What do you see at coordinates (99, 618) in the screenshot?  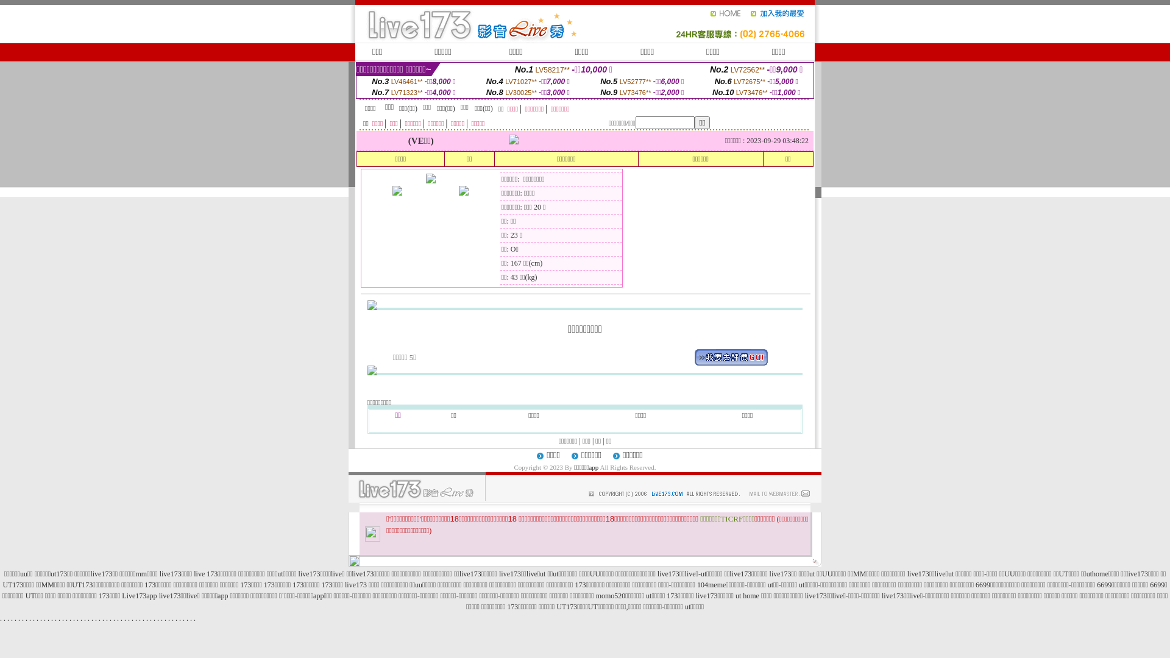 I see `'.'` at bounding box center [99, 618].